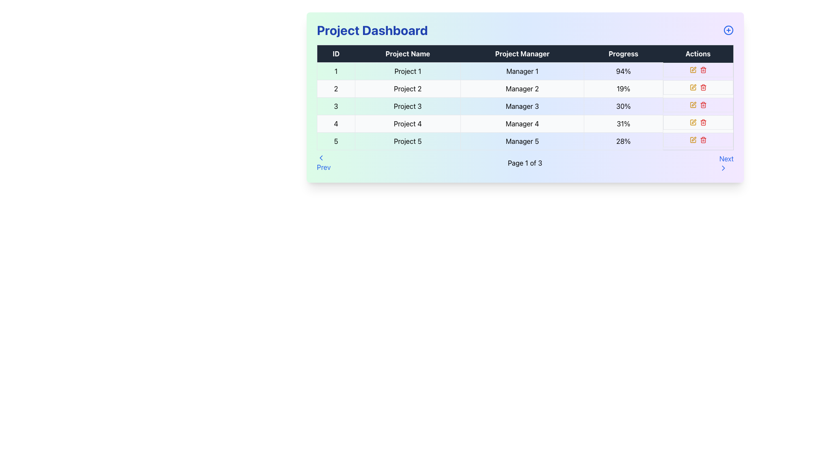 Image resolution: width=820 pixels, height=461 pixels. I want to click on the left-pointing chevron icon located in the bottom-left corner of the table, next to the text 'Prev', so click(321, 158).